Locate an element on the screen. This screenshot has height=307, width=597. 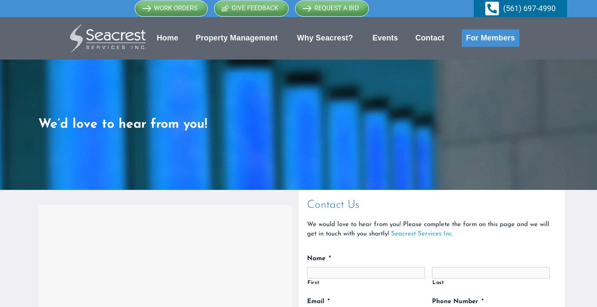
'Email' is located at coordinates (316, 301).